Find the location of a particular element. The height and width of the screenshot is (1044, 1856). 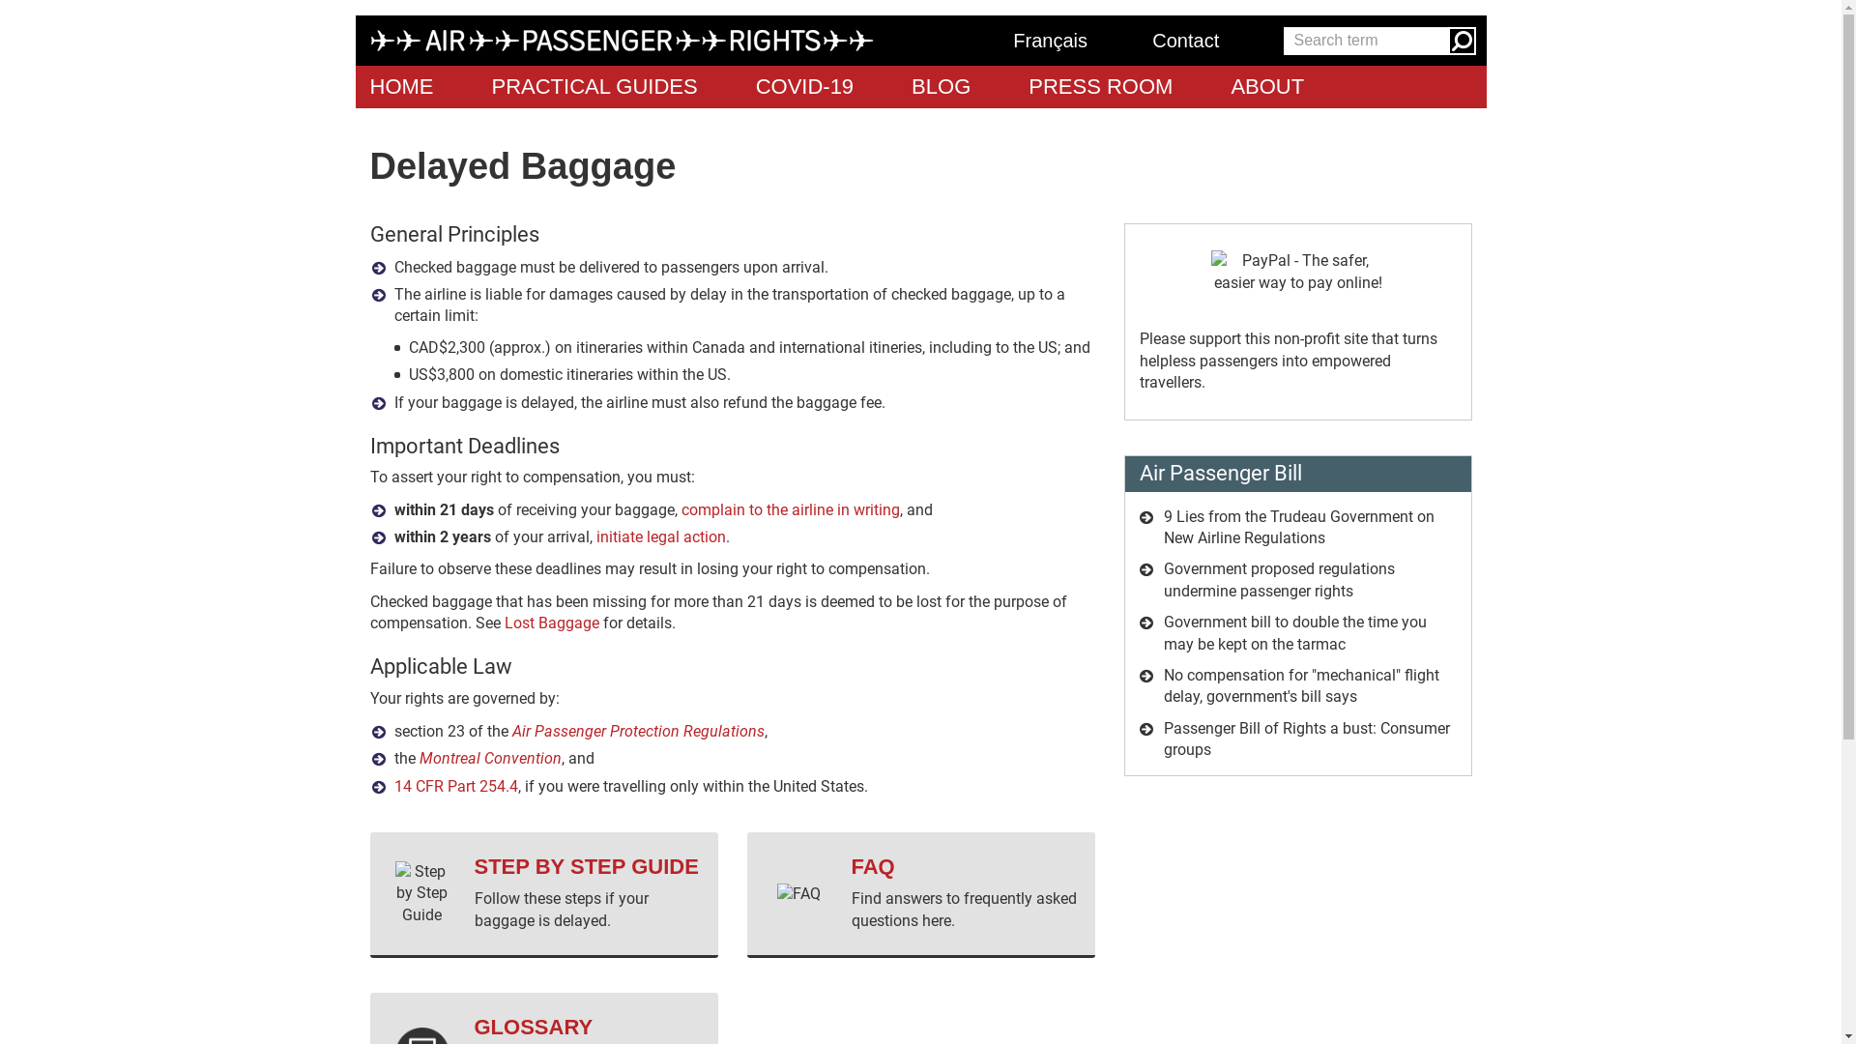

'Air Passenger Protection Regulations' is located at coordinates (638, 731).